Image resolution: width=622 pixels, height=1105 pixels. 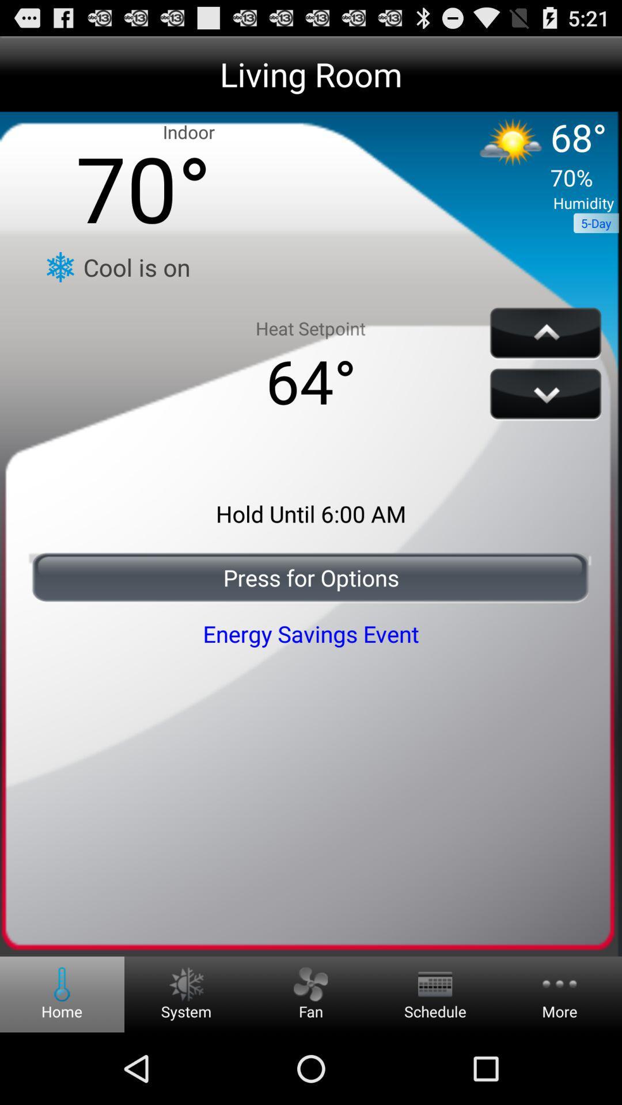 I want to click on press for options icon, so click(x=311, y=577).